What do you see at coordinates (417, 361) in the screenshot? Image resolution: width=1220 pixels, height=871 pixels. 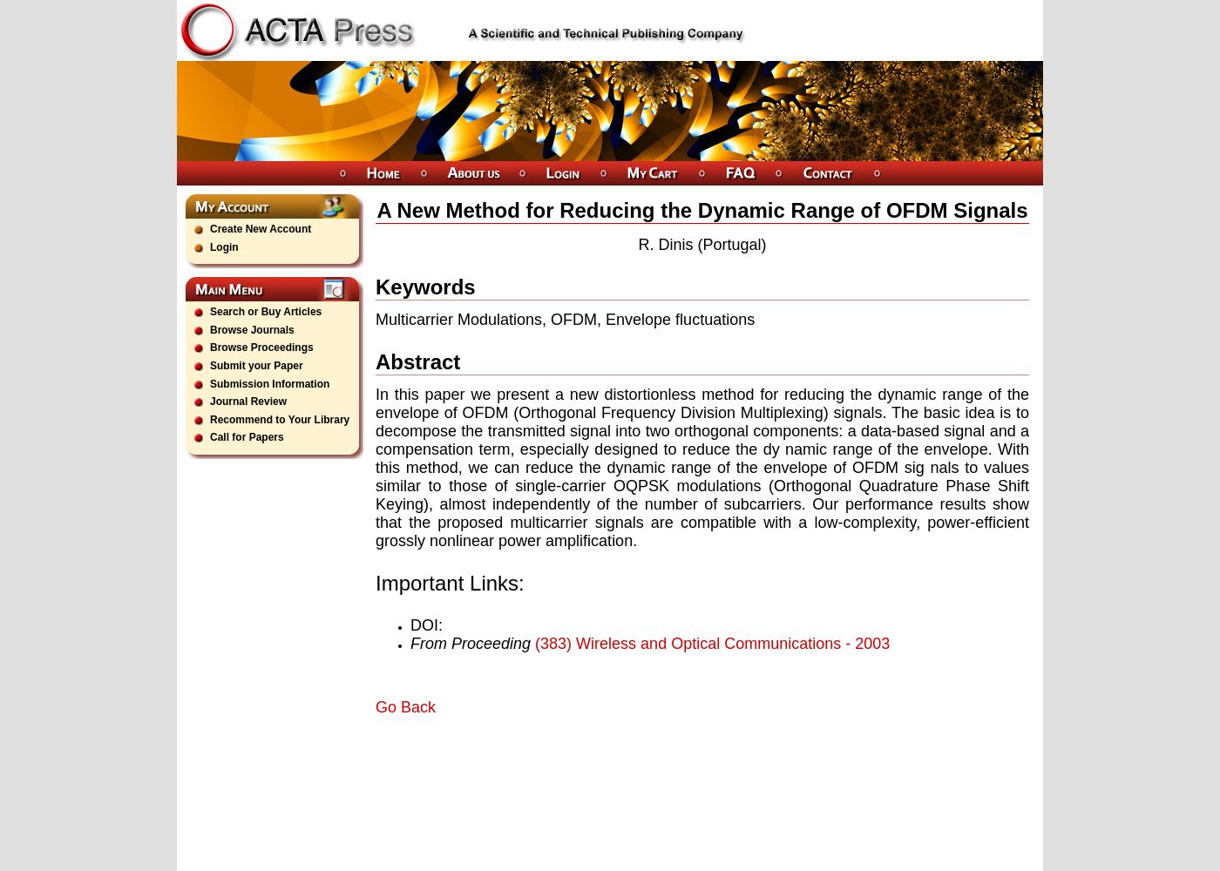 I see `'Abstract'` at bounding box center [417, 361].